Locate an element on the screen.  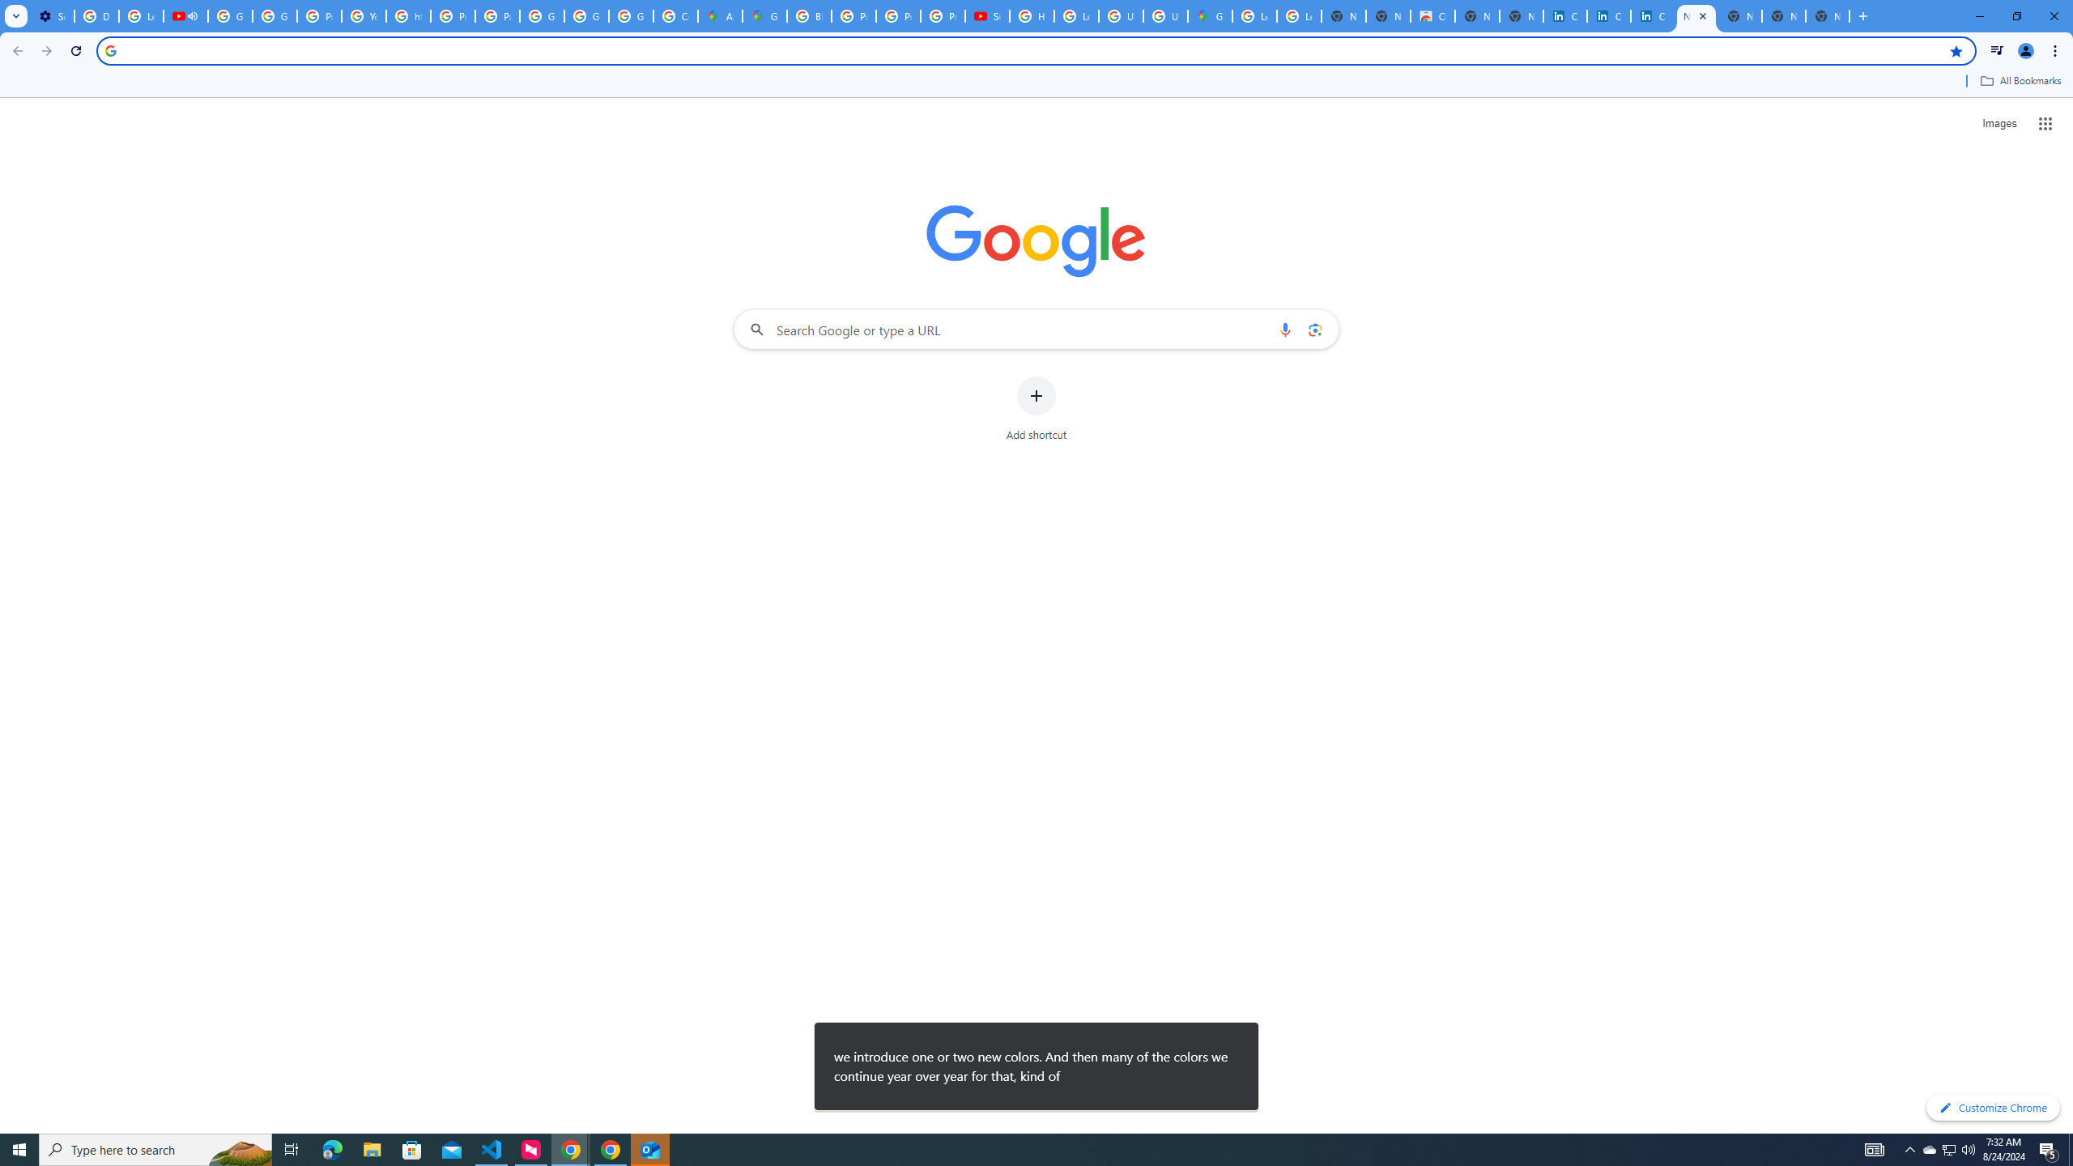
'Cookie Policy | LinkedIn' is located at coordinates (1564, 15).